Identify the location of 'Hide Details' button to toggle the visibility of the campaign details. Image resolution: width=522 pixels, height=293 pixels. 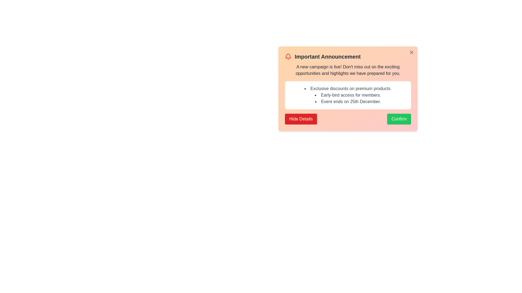
(301, 119).